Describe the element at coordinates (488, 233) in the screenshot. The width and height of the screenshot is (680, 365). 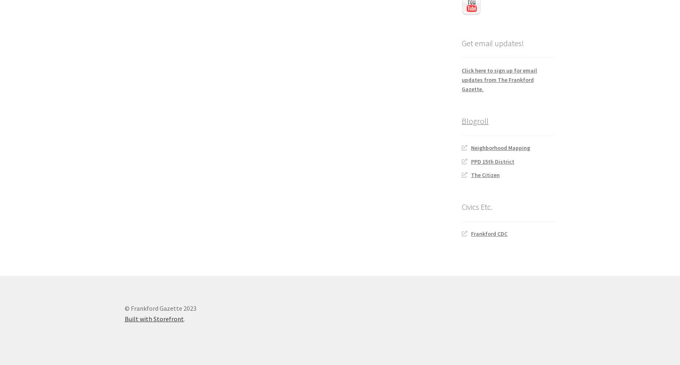
I see `'Frankford CDC'` at that location.